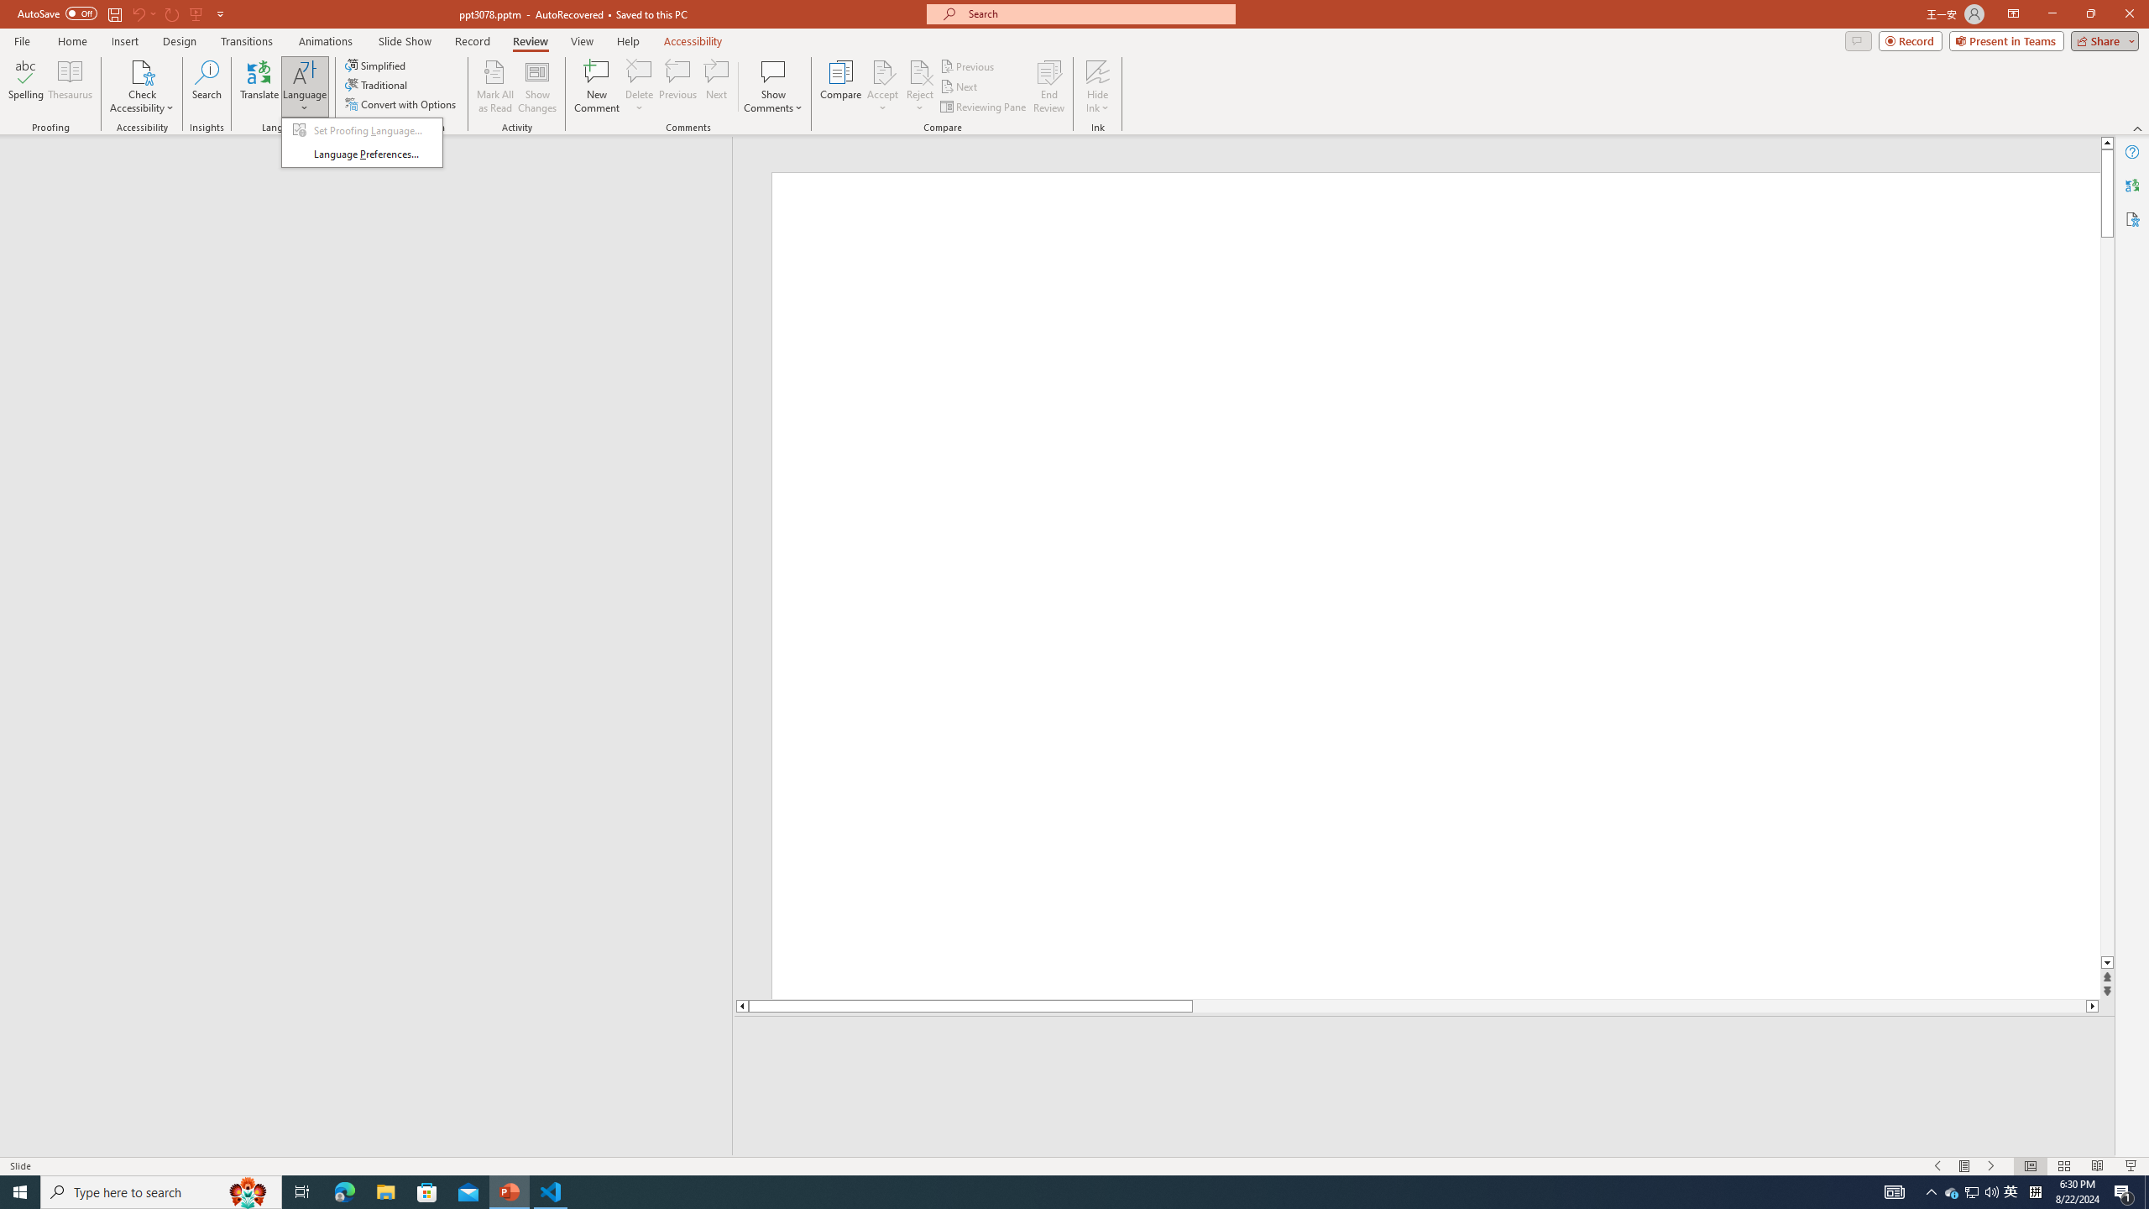  Describe the element at coordinates (918, 86) in the screenshot. I see `'Reject'` at that location.